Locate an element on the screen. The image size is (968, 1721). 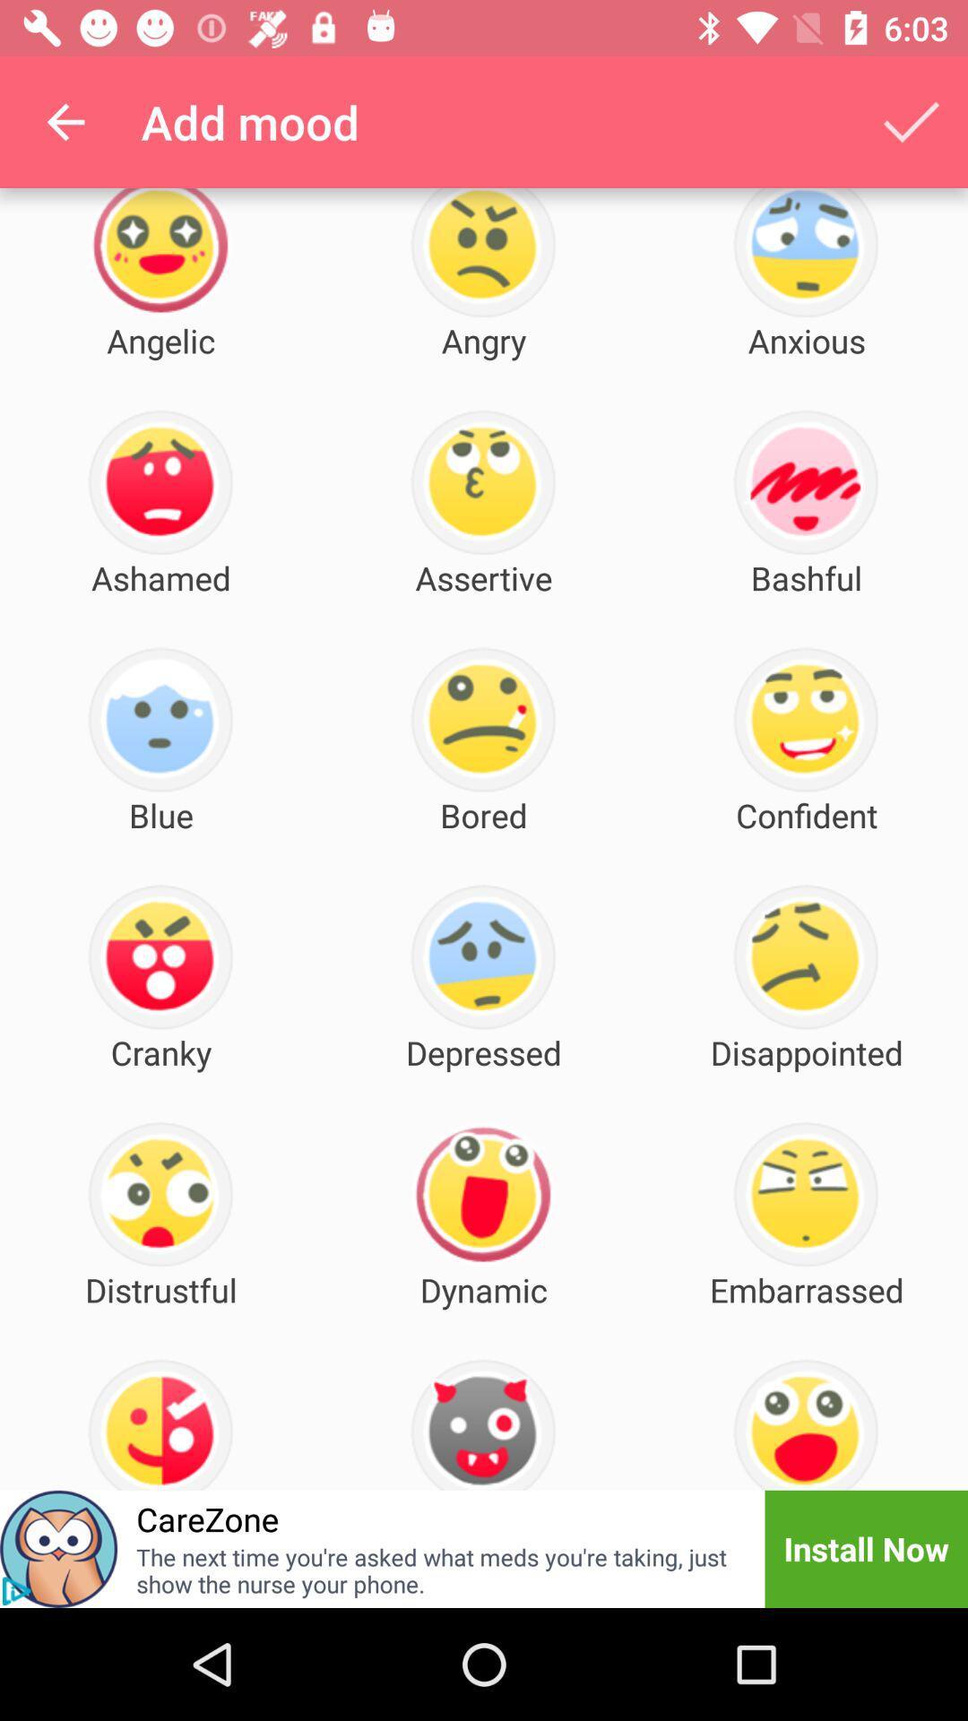
the mood below embarrassed is located at coordinates (805, 1423).